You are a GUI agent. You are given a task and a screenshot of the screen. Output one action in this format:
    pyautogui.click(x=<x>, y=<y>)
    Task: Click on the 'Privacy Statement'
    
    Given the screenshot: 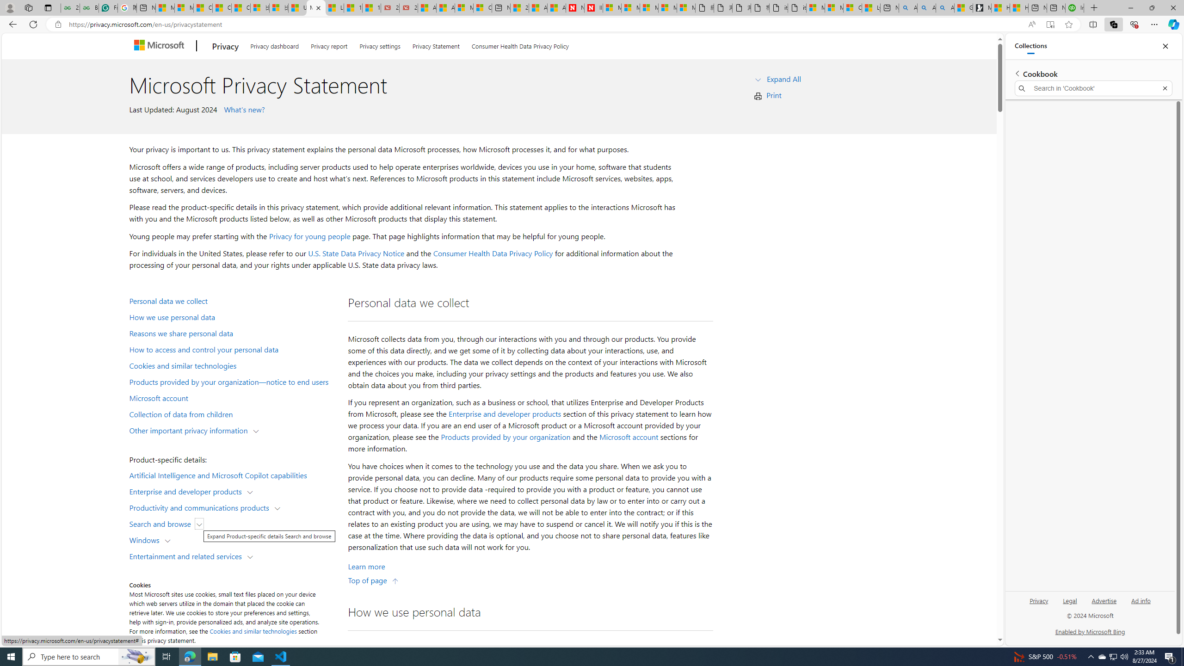 What is the action you would take?
    pyautogui.click(x=436, y=44)
    